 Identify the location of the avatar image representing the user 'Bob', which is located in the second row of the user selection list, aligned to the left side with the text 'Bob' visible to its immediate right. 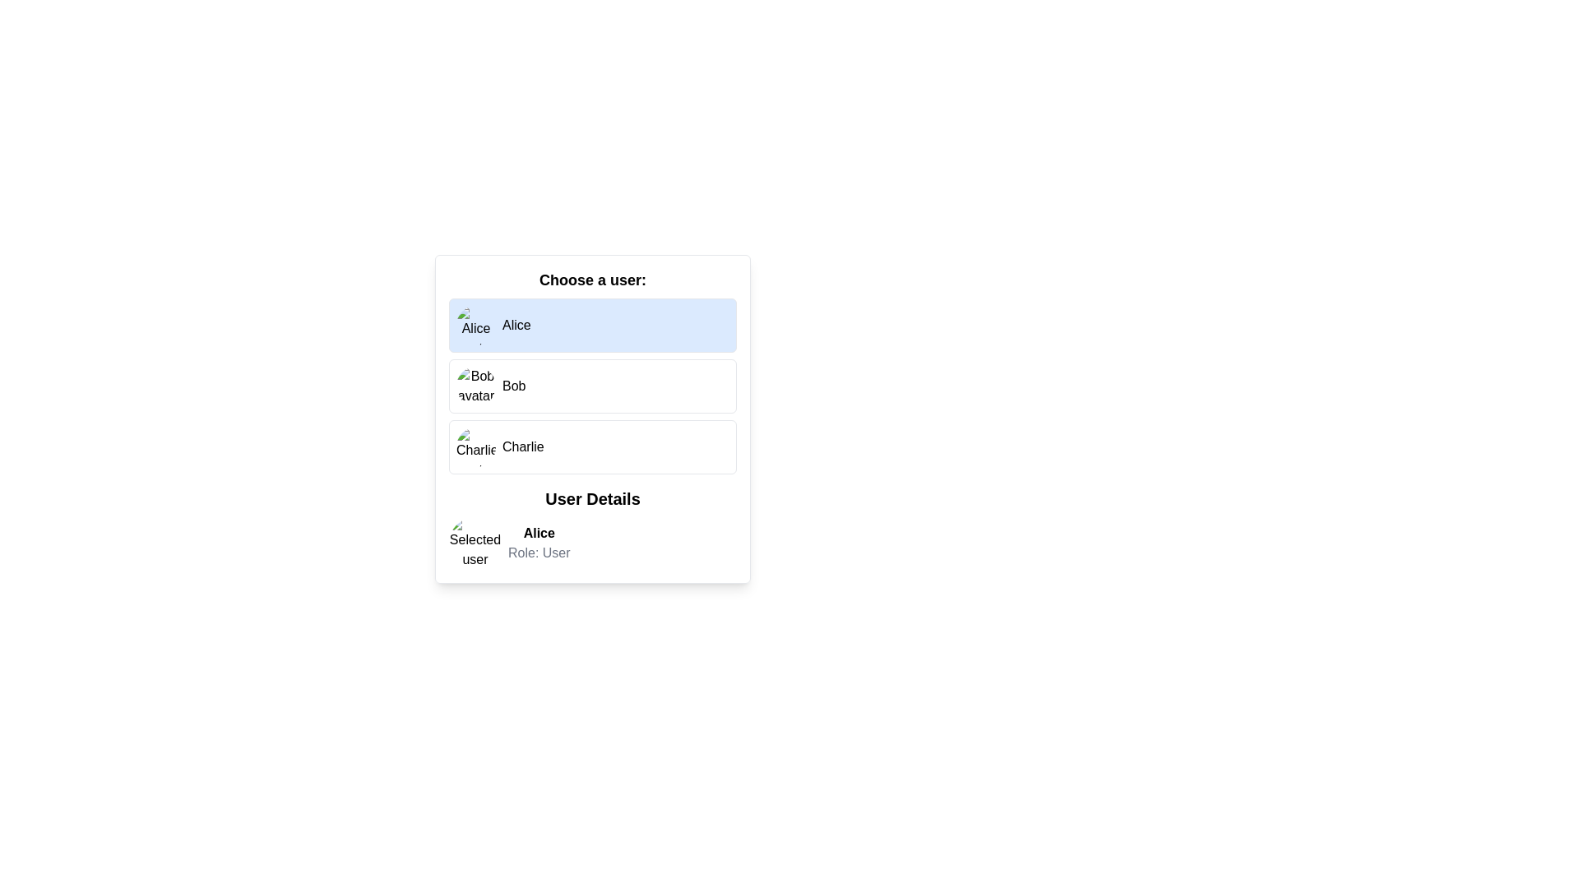
(475, 386).